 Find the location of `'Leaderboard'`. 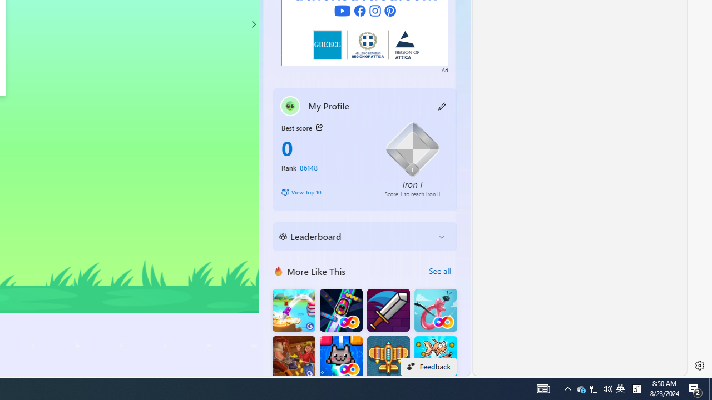

'Leaderboard' is located at coordinates (356, 236).